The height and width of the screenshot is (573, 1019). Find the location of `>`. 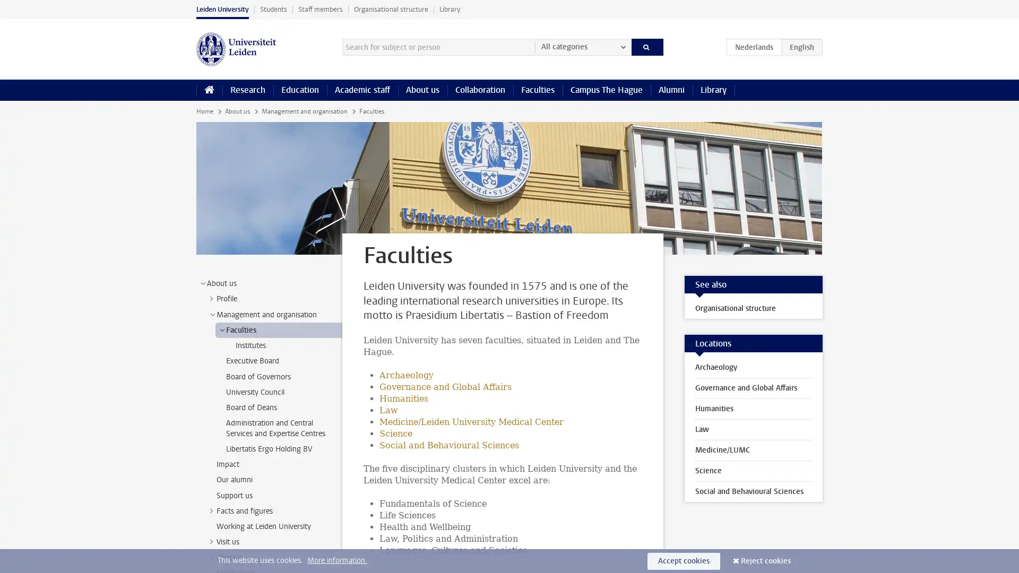

> is located at coordinates (211, 556).